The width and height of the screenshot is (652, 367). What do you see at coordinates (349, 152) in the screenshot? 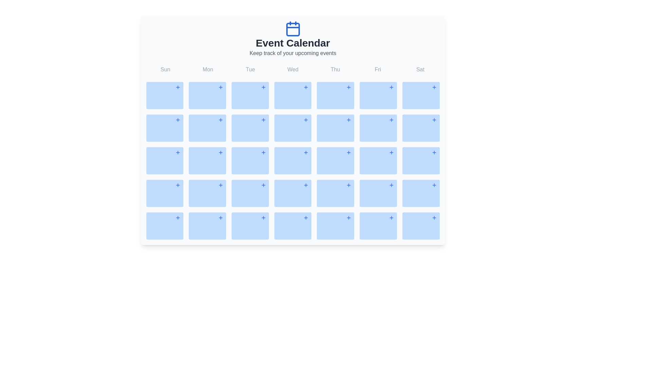
I see `the button located in the top-right corner of the fourth cell in the fourth row of the calendar grid` at bounding box center [349, 152].